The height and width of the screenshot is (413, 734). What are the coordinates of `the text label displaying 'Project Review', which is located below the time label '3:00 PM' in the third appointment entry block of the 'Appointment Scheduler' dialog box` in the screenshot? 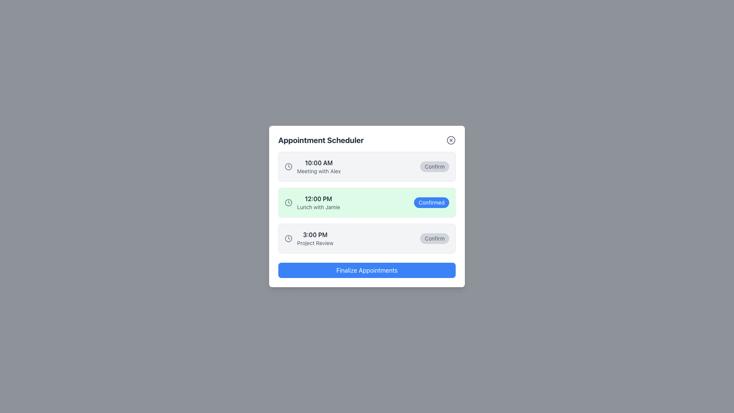 It's located at (315, 243).